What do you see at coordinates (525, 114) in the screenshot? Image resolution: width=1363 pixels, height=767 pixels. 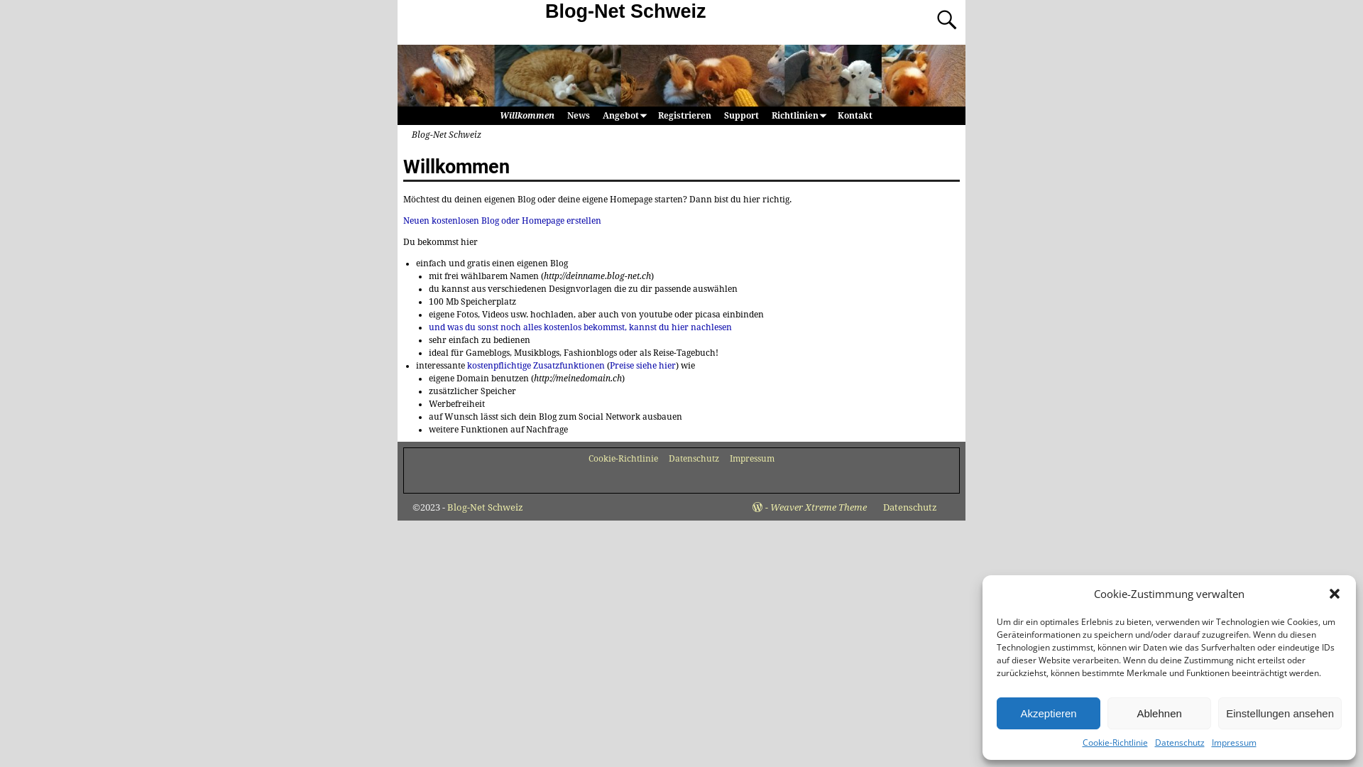 I see `'Willkommen'` at bounding box center [525, 114].